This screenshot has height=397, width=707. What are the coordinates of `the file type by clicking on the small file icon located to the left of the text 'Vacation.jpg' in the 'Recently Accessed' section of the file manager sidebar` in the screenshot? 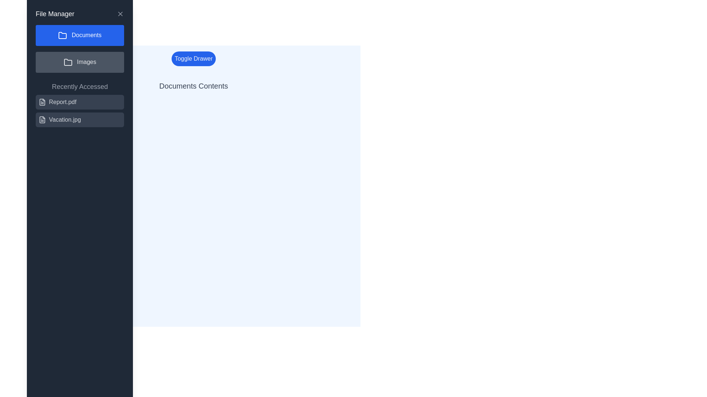 It's located at (42, 119).